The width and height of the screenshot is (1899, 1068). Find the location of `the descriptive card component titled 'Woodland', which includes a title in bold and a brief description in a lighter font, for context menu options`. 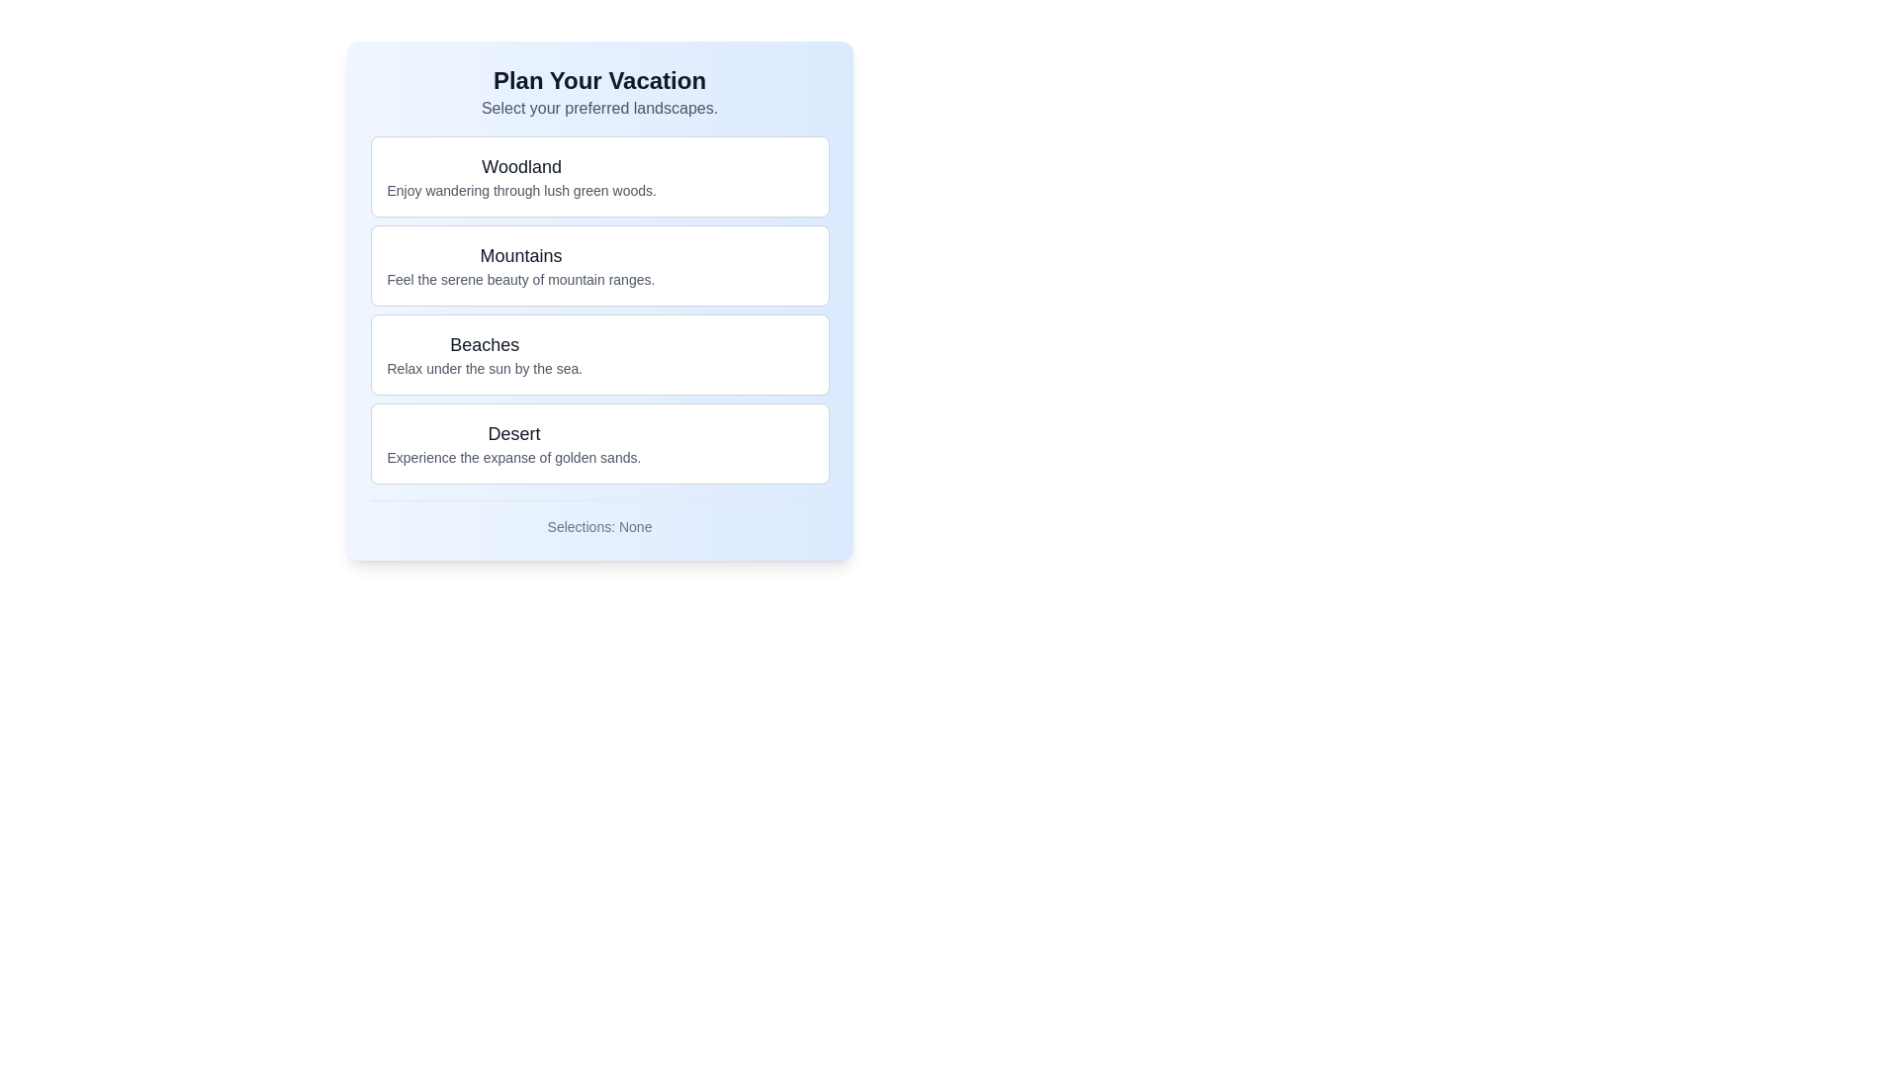

the descriptive card component titled 'Woodland', which includes a title in bold and a brief description in a lighter font, for context menu options is located at coordinates (521, 175).